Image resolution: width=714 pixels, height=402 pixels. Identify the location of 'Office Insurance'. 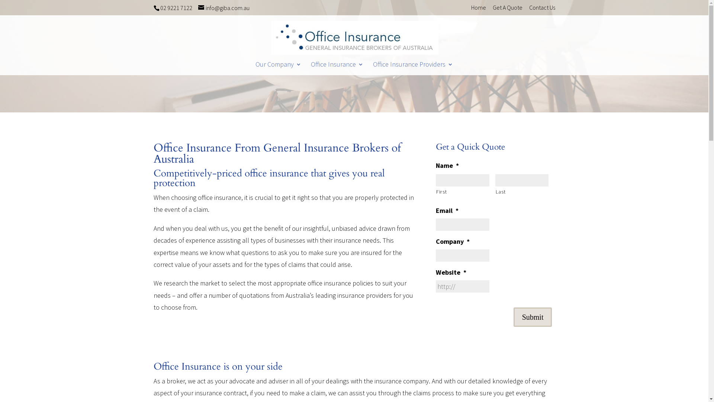
(337, 68).